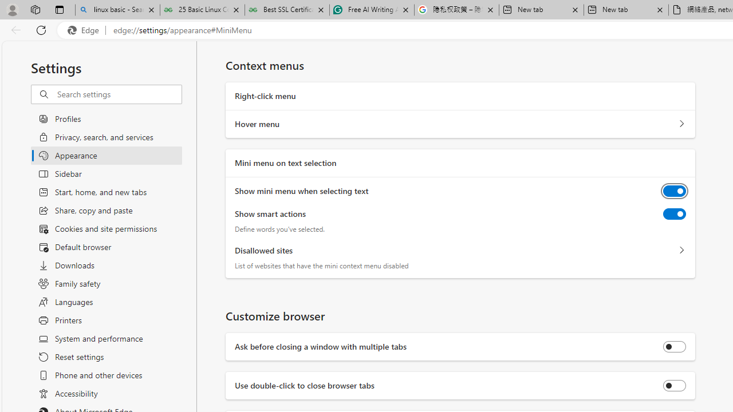 This screenshot has height=412, width=733. Describe the element at coordinates (119, 94) in the screenshot. I see `'Search settings'` at that location.